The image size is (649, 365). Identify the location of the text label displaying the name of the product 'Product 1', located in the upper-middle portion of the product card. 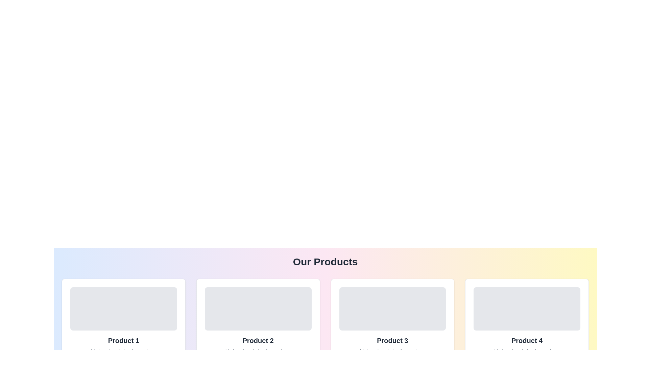
(123, 340).